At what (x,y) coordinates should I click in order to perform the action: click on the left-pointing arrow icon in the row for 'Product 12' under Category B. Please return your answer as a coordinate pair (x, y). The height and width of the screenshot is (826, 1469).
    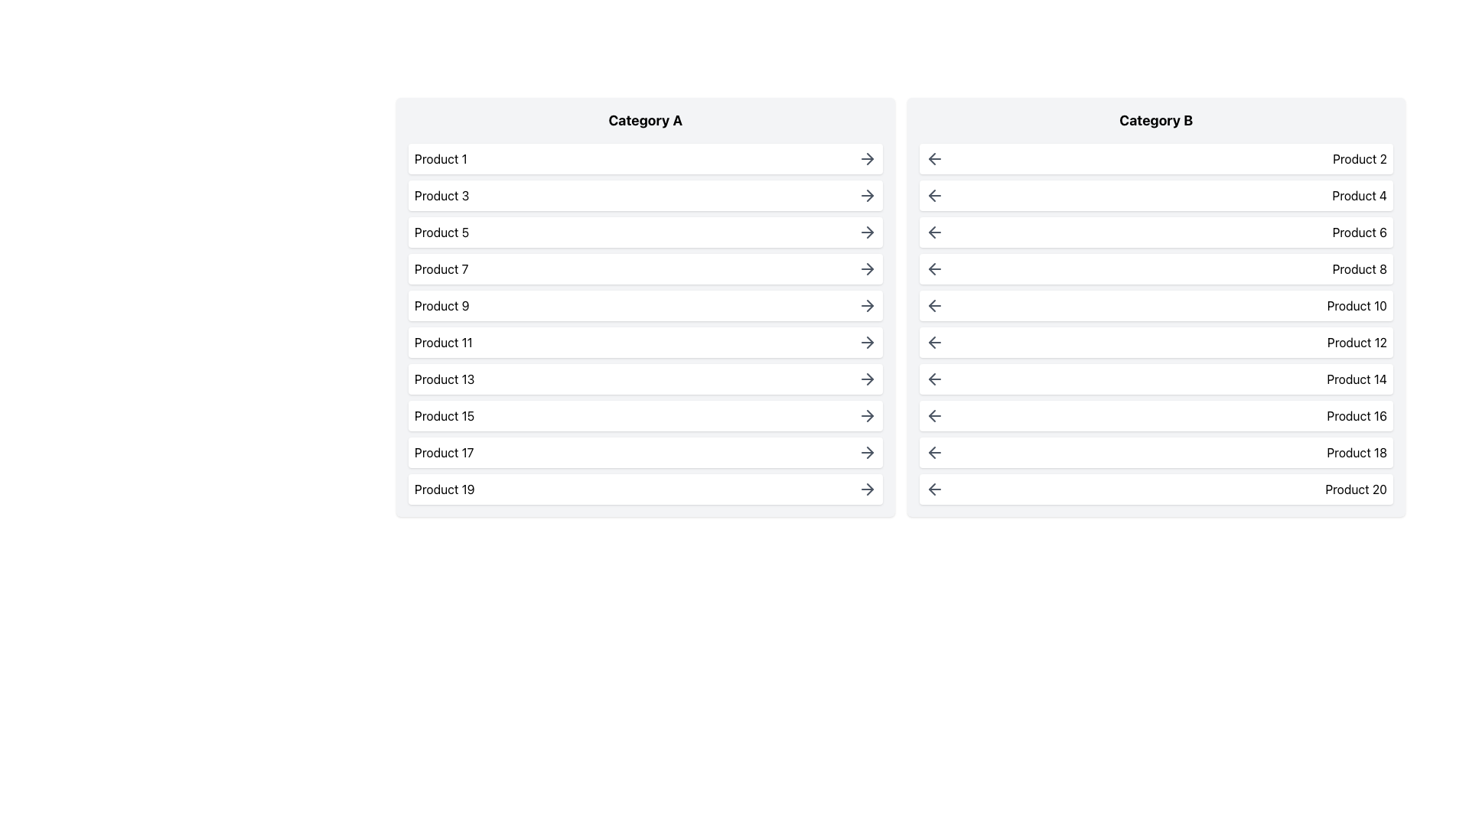
    Looking at the image, I should click on (931, 341).